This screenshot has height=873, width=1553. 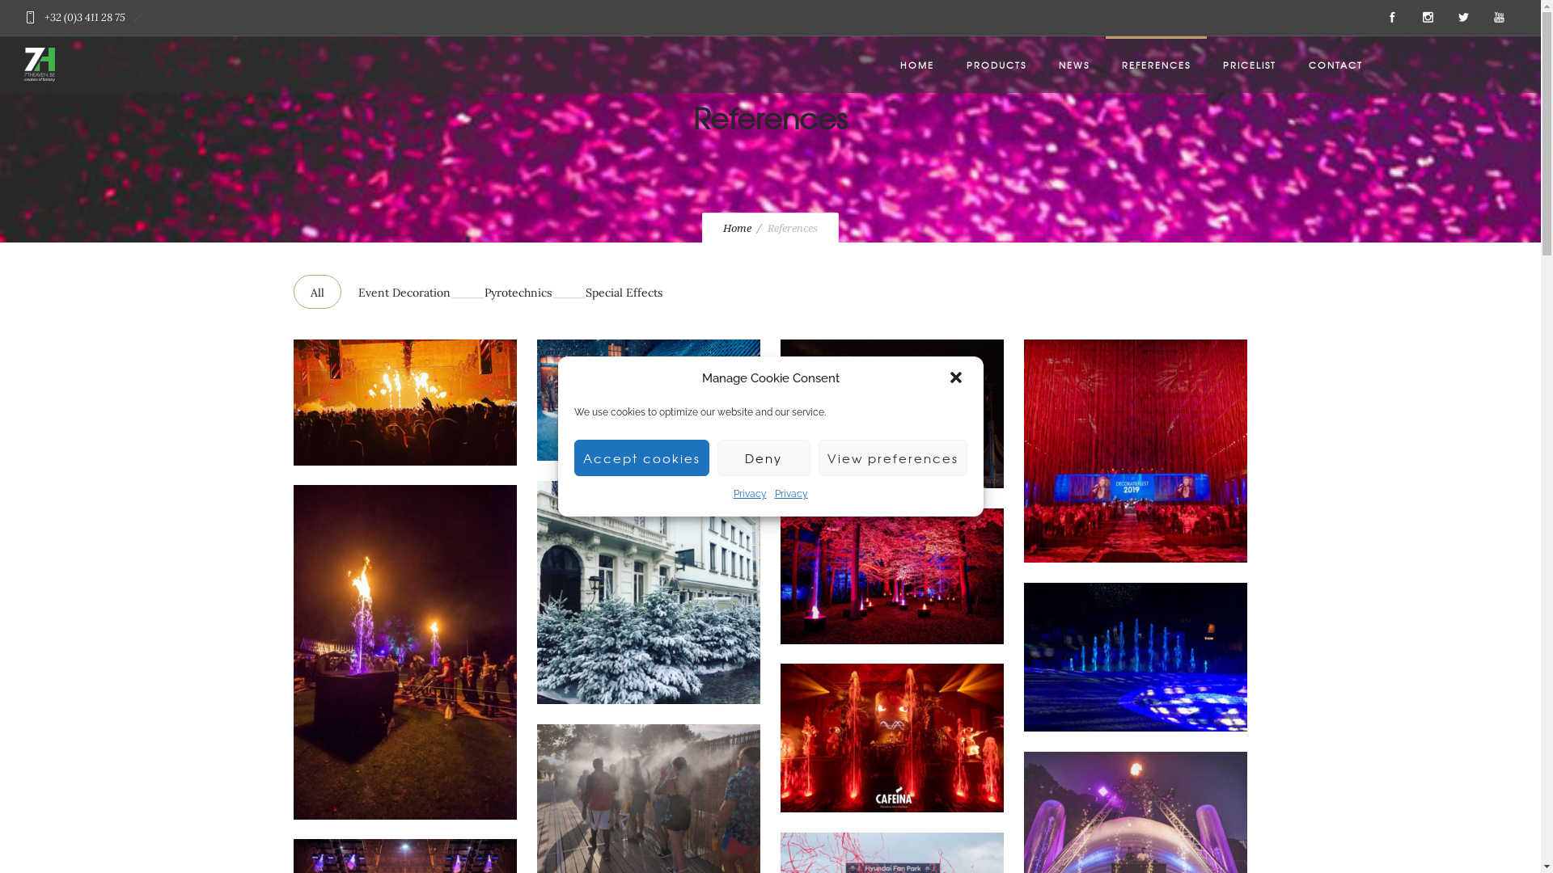 What do you see at coordinates (996, 64) in the screenshot?
I see `'PRODUCTS'` at bounding box center [996, 64].